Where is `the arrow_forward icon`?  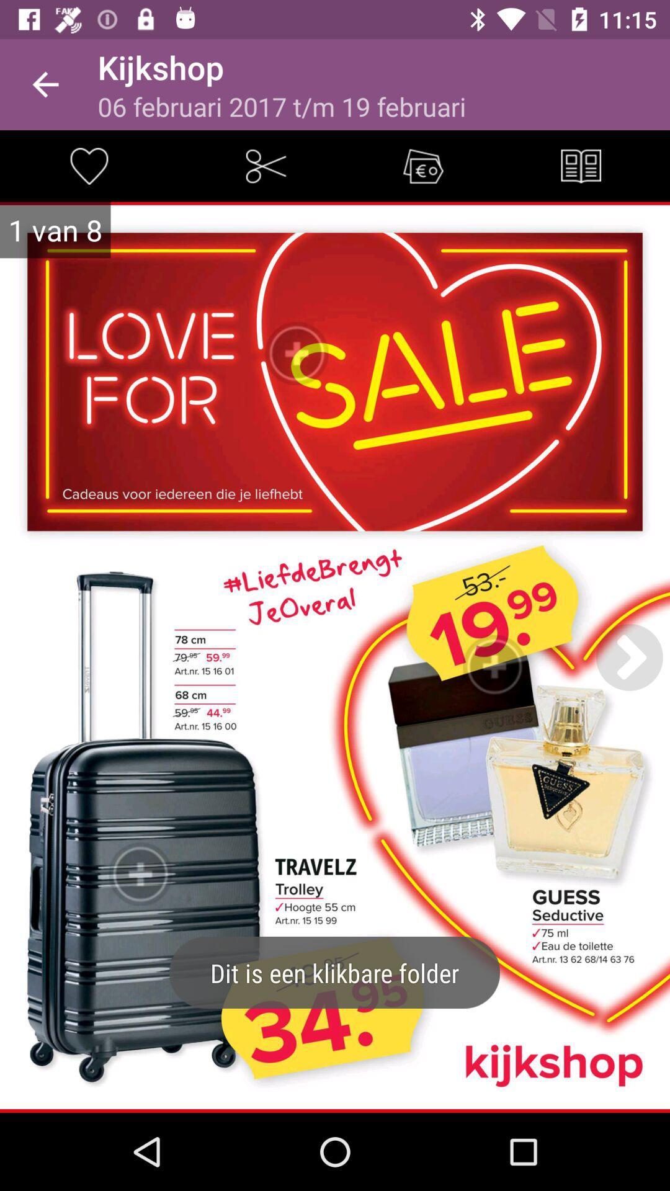 the arrow_forward icon is located at coordinates (629, 656).